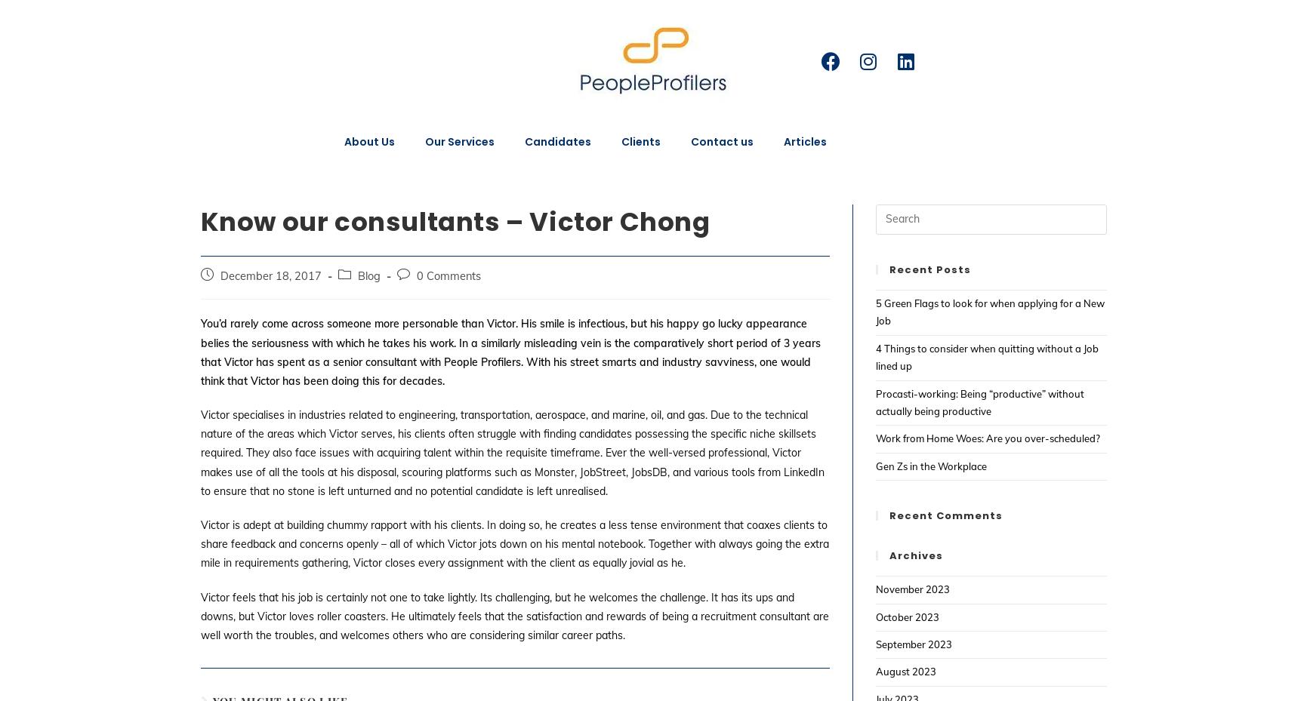 The image size is (1307, 701). What do you see at coordinates (912, 589) in the screenshot?
I see `'November 2023'` at bounding box center [912, 589].